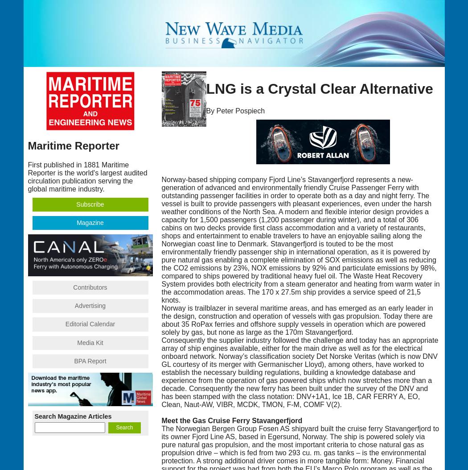 The image size is (468, 470). Describe the element at coordinates (235, 110) in the screenshot. I see `'By Peter Pospiech'` at that location.